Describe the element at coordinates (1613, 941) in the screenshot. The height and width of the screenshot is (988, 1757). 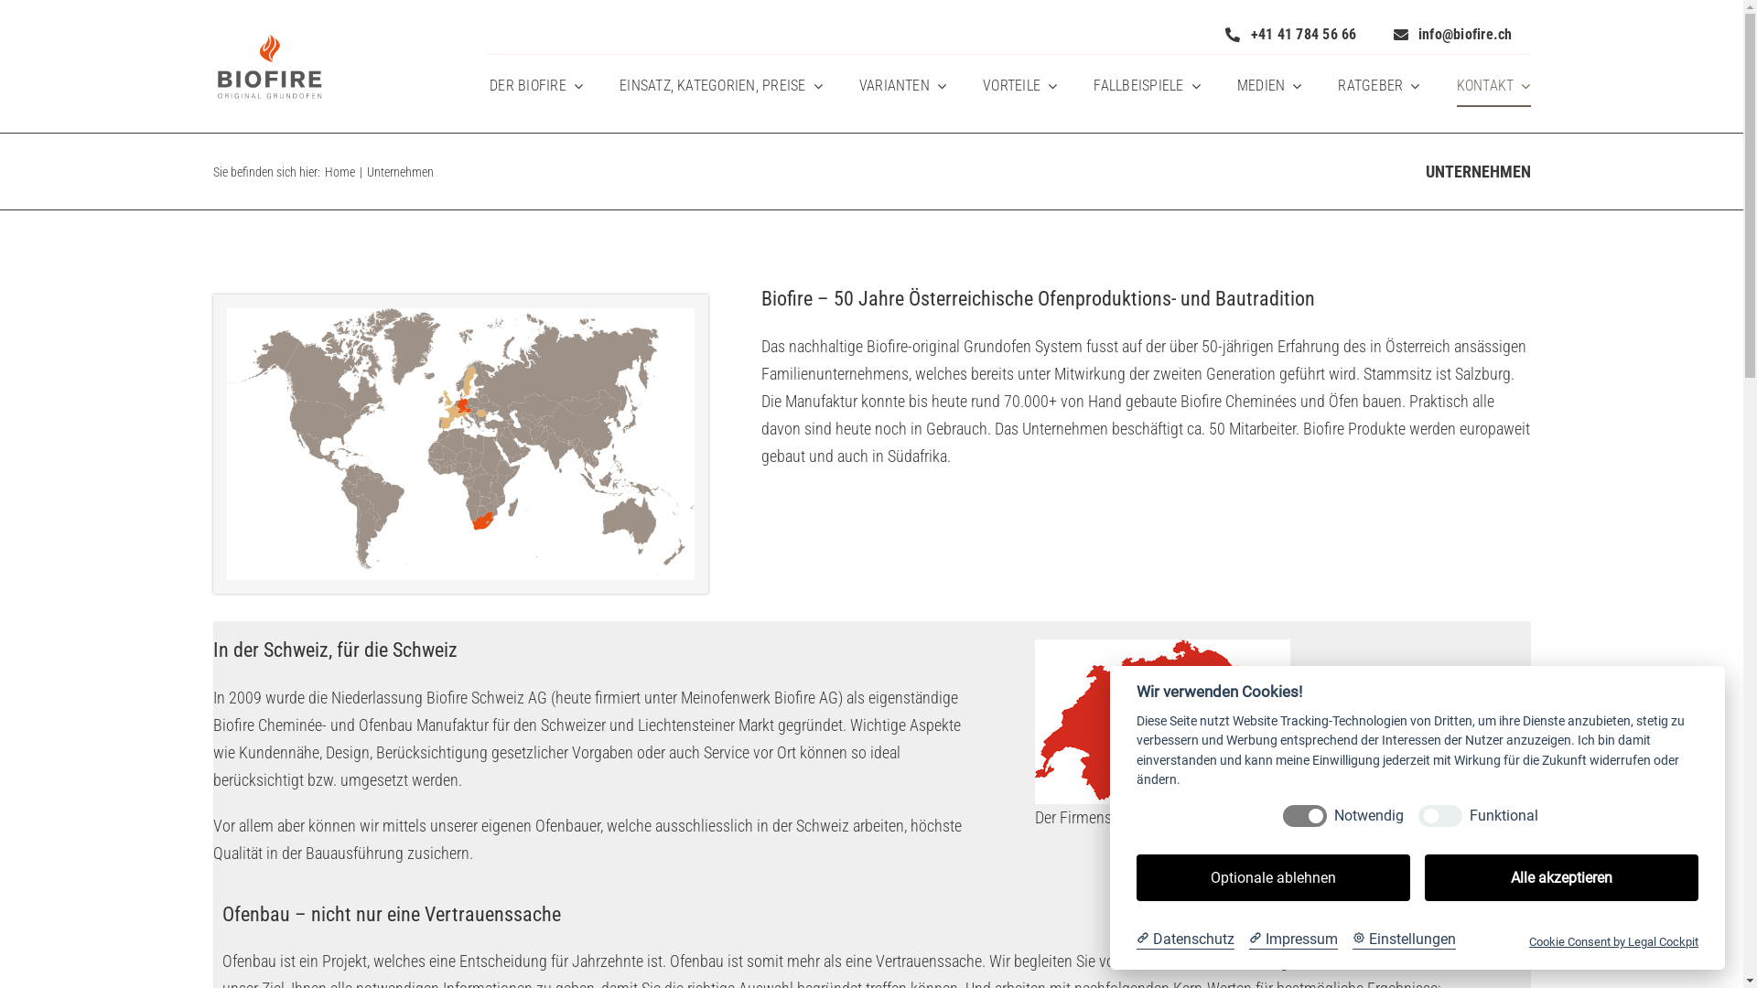
I see `'Cookie Consent by Legal Cockpit'` at that location.